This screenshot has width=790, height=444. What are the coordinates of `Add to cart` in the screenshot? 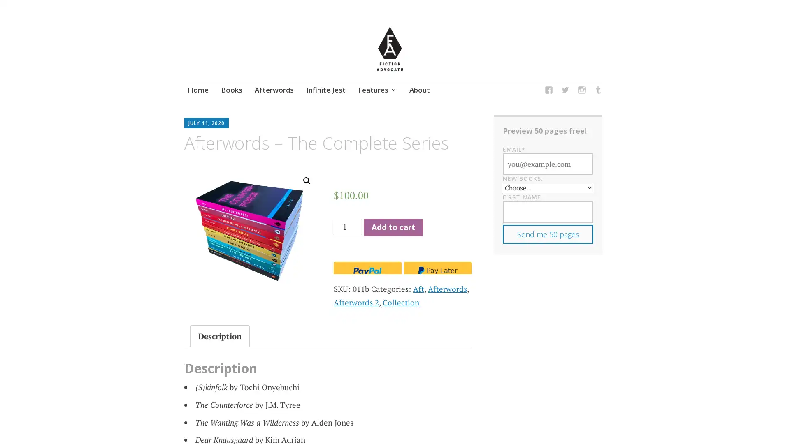 It's located at (393, 227).